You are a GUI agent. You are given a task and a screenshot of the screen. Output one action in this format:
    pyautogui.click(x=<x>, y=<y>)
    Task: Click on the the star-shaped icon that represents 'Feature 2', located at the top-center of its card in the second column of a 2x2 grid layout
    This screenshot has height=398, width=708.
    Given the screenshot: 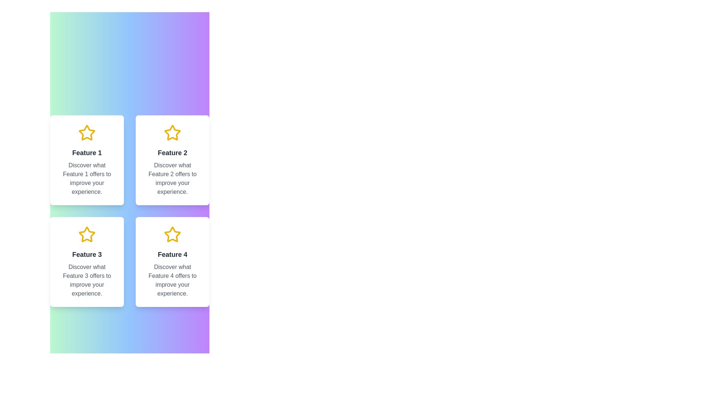 What is the action you would take?
    pyautogui.click(x=172, y=133)
    